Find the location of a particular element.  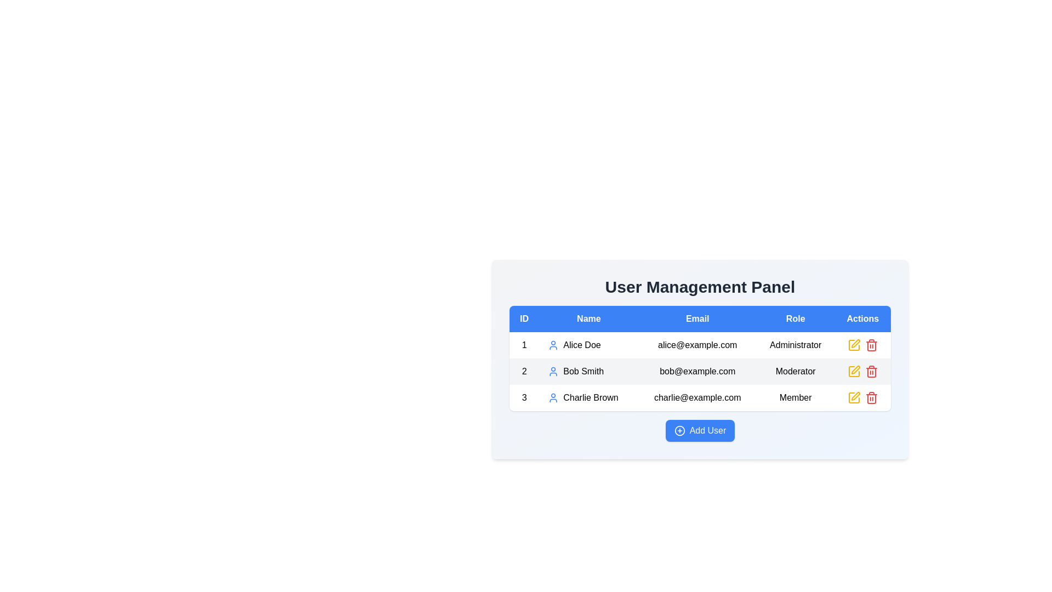

the vertical rectangular shape of the trash can body icon, which is the second delete icon in the Actions column for user 'Bob Smith' is located at coordinates (871, 372).